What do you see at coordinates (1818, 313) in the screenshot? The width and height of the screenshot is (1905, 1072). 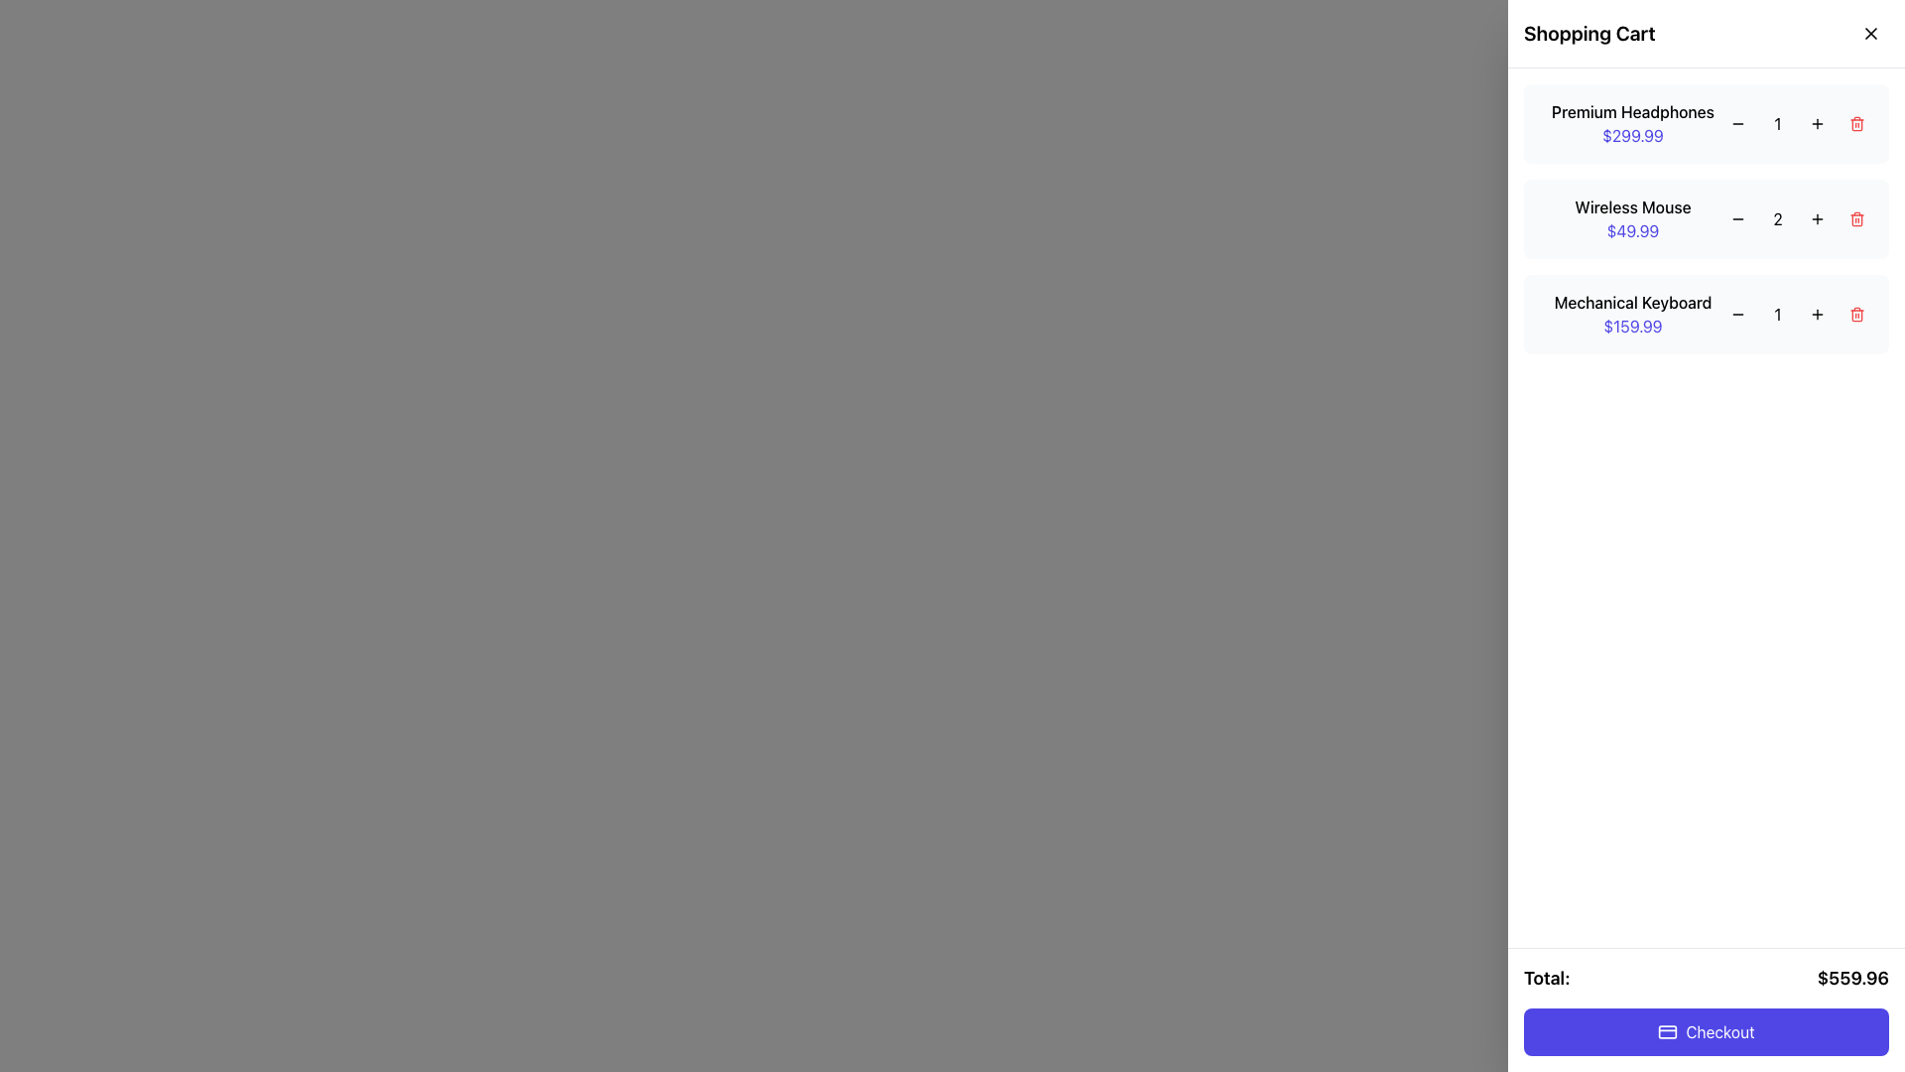 I see `the plus icon on the right side of the 'Mechanical Keyboard' shopping cart row to increase the quantity of the item` at bounding box center [1818, 313].